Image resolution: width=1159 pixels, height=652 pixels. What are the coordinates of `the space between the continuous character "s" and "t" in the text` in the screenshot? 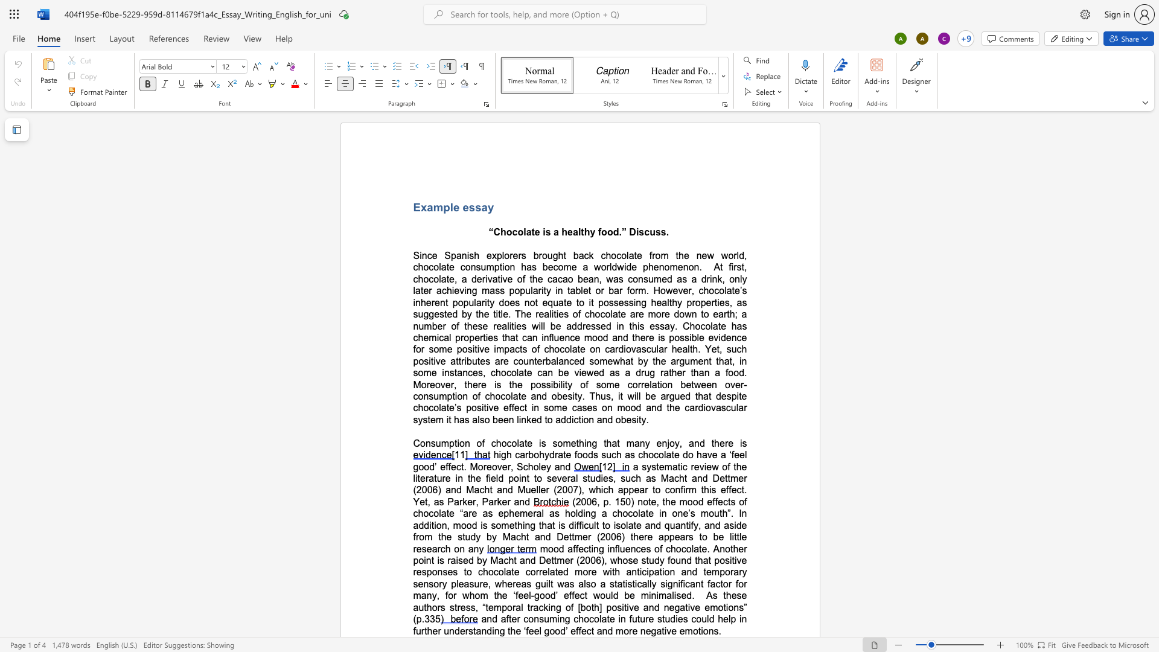 It's located at (740, 266).